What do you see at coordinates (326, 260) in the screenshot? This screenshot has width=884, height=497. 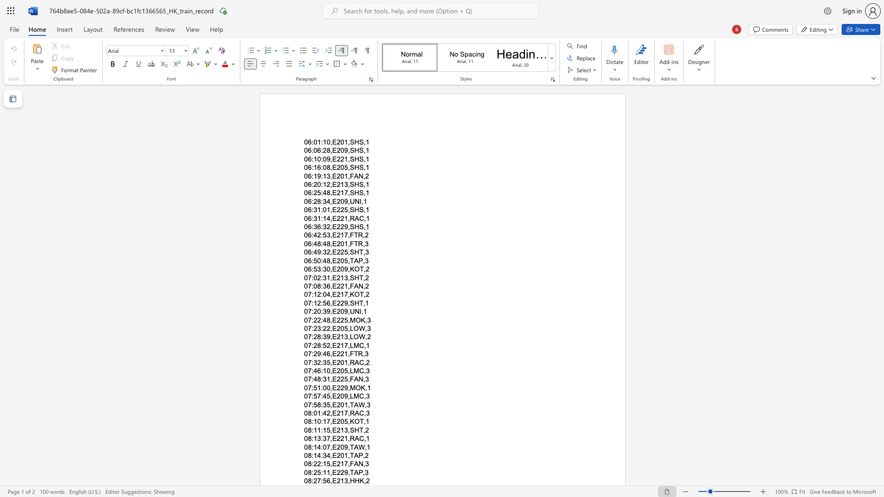 I see `the space between the continuous character "4" and "8" in the text` at bounding box center [326, 260].